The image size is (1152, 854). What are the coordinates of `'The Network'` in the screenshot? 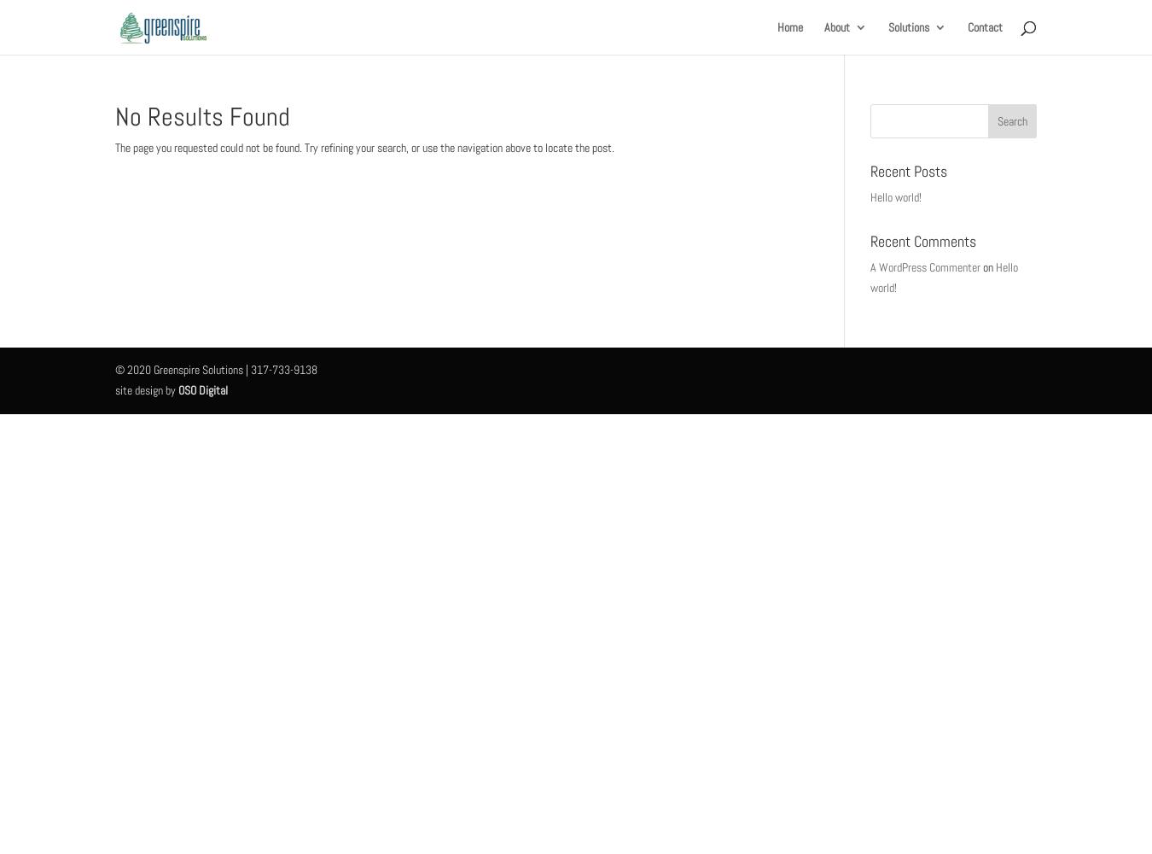 It's located at (886, 160).